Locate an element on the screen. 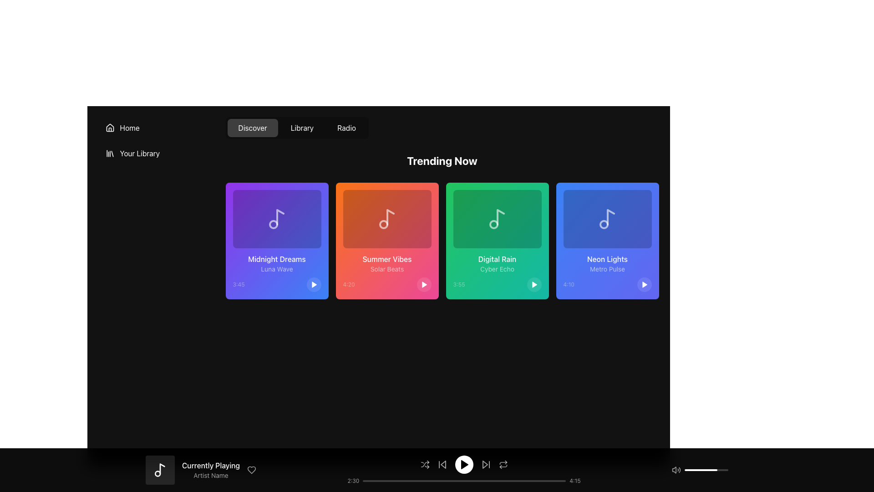 The width and height of the screenshot is (874, 492). the second button from the left at the top of the central panel is located at coordinates (297, 128).